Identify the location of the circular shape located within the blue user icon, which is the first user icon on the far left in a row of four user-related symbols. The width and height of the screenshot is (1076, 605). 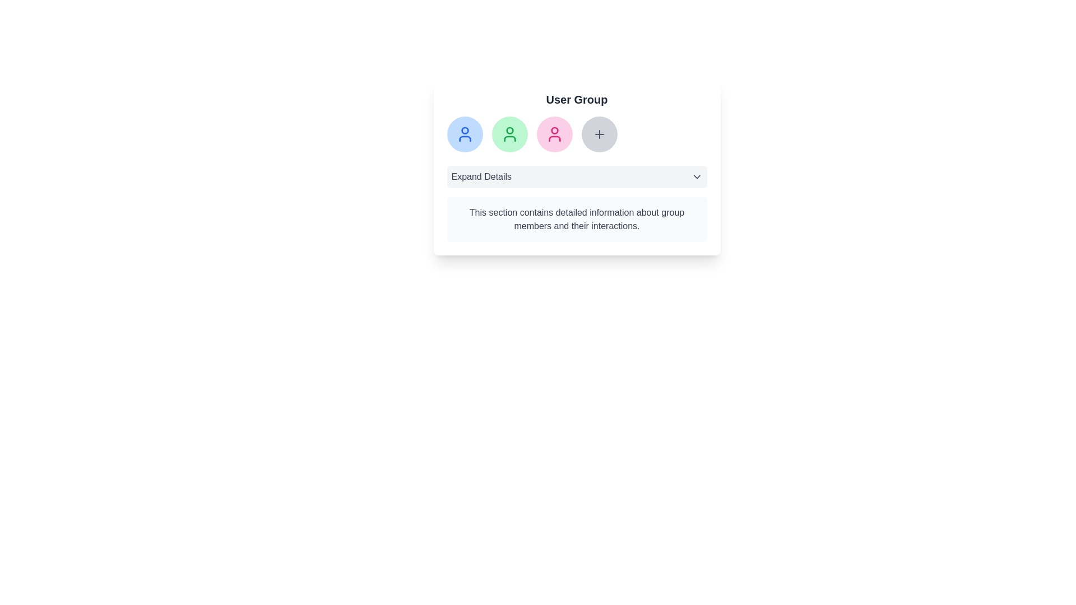
(465, 130).